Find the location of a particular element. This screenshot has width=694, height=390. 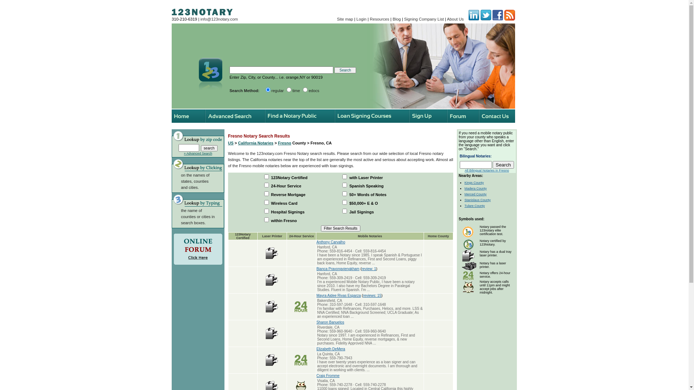

'Mayra Aidee Rivas Esparza' is located at coordinates (338, 295).